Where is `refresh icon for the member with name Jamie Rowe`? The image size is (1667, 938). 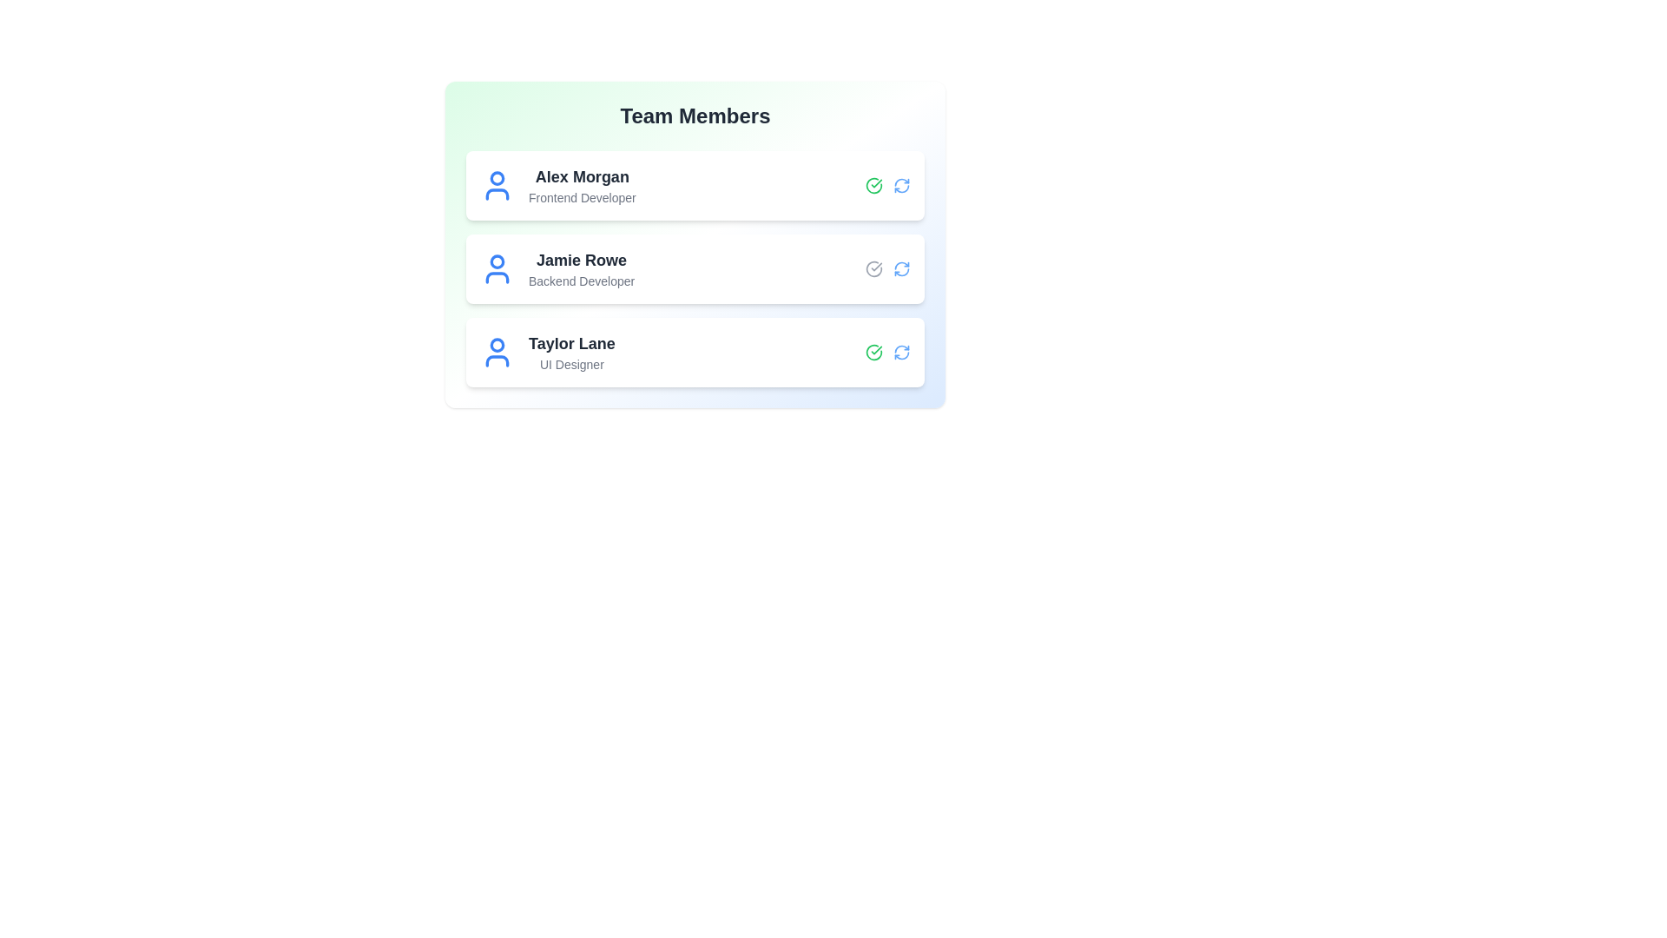
refresh icon for the member with name Jamie Rowe is located at coordinates (901, 268).